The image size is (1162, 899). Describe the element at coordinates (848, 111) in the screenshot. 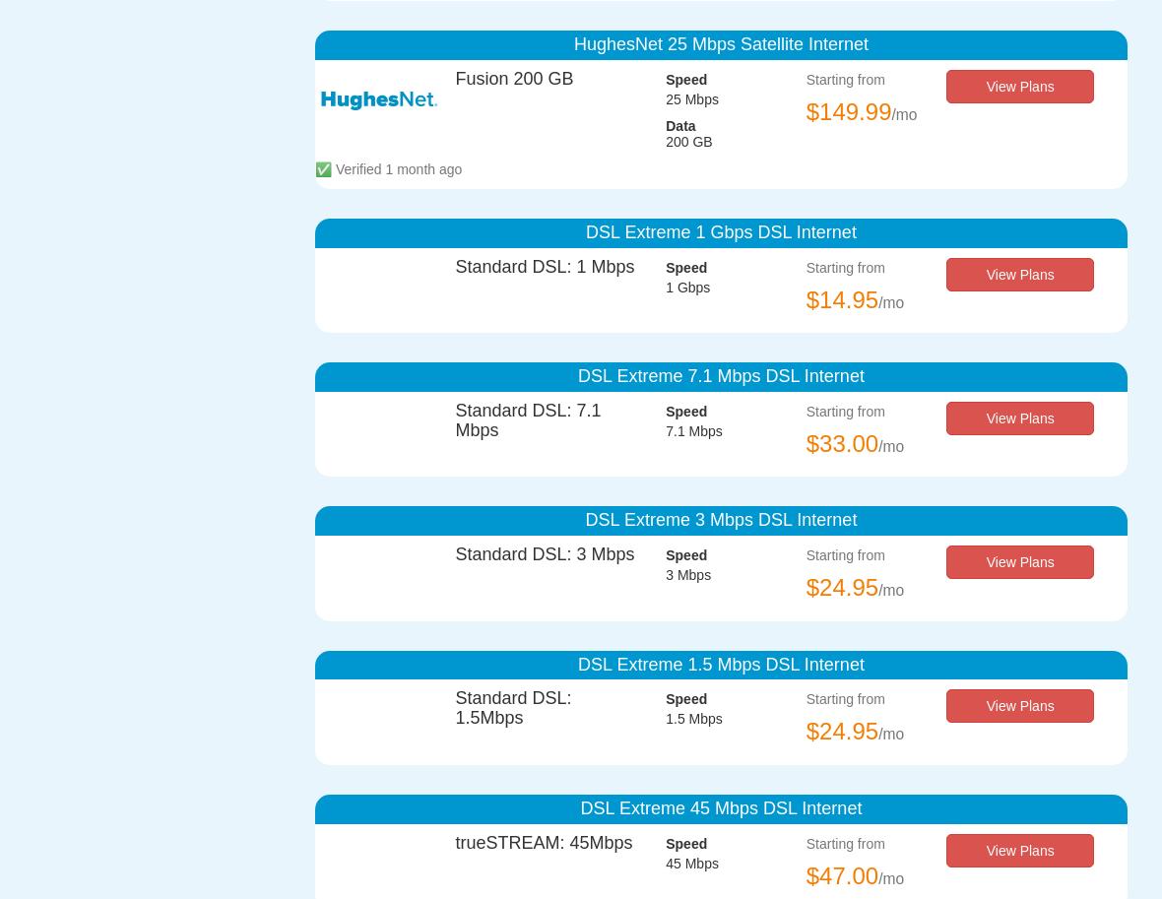

I see `'$149.99'` at that location.